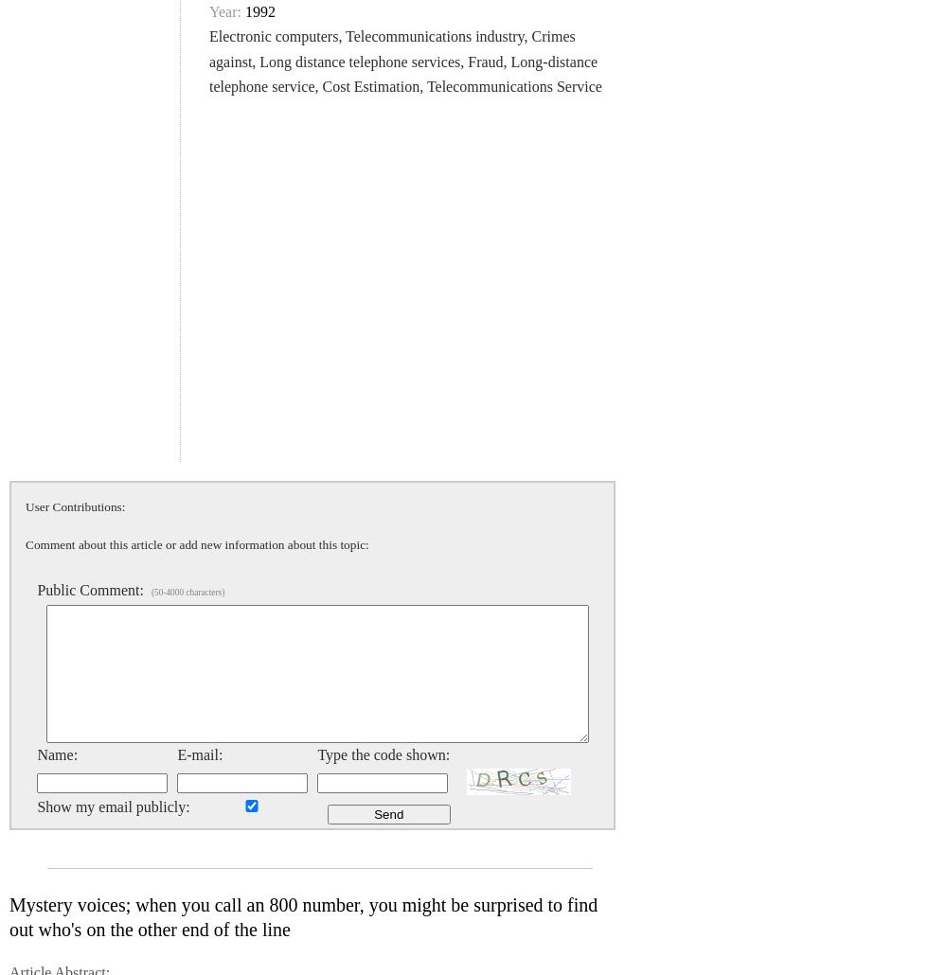 Image resolution: width=928 pixels, height=975 pixels. Describe the element at coordinates (113, 806) in the screenshot. I see `'Show my email publicly:'` at that location.